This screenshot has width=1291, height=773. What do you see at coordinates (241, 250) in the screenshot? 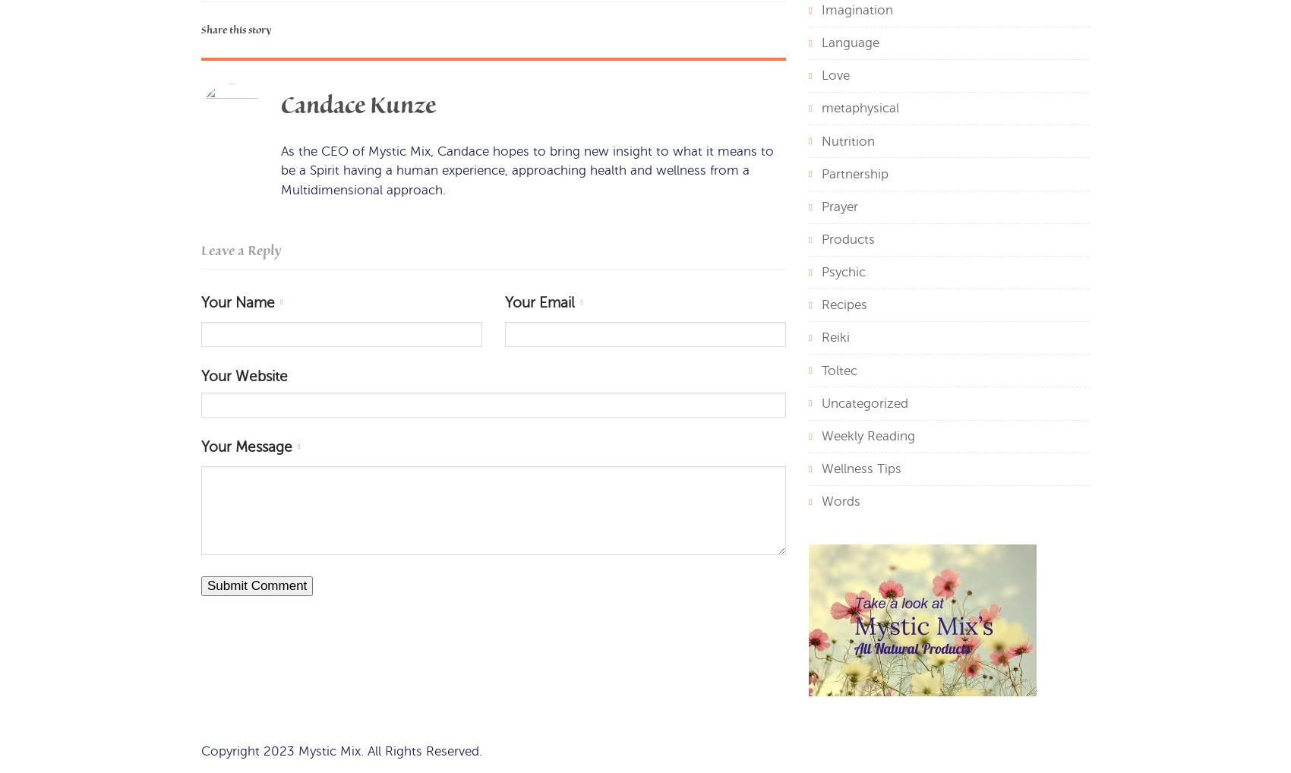
I see `'Leave a Reply'` at bounding box center [241, 250].